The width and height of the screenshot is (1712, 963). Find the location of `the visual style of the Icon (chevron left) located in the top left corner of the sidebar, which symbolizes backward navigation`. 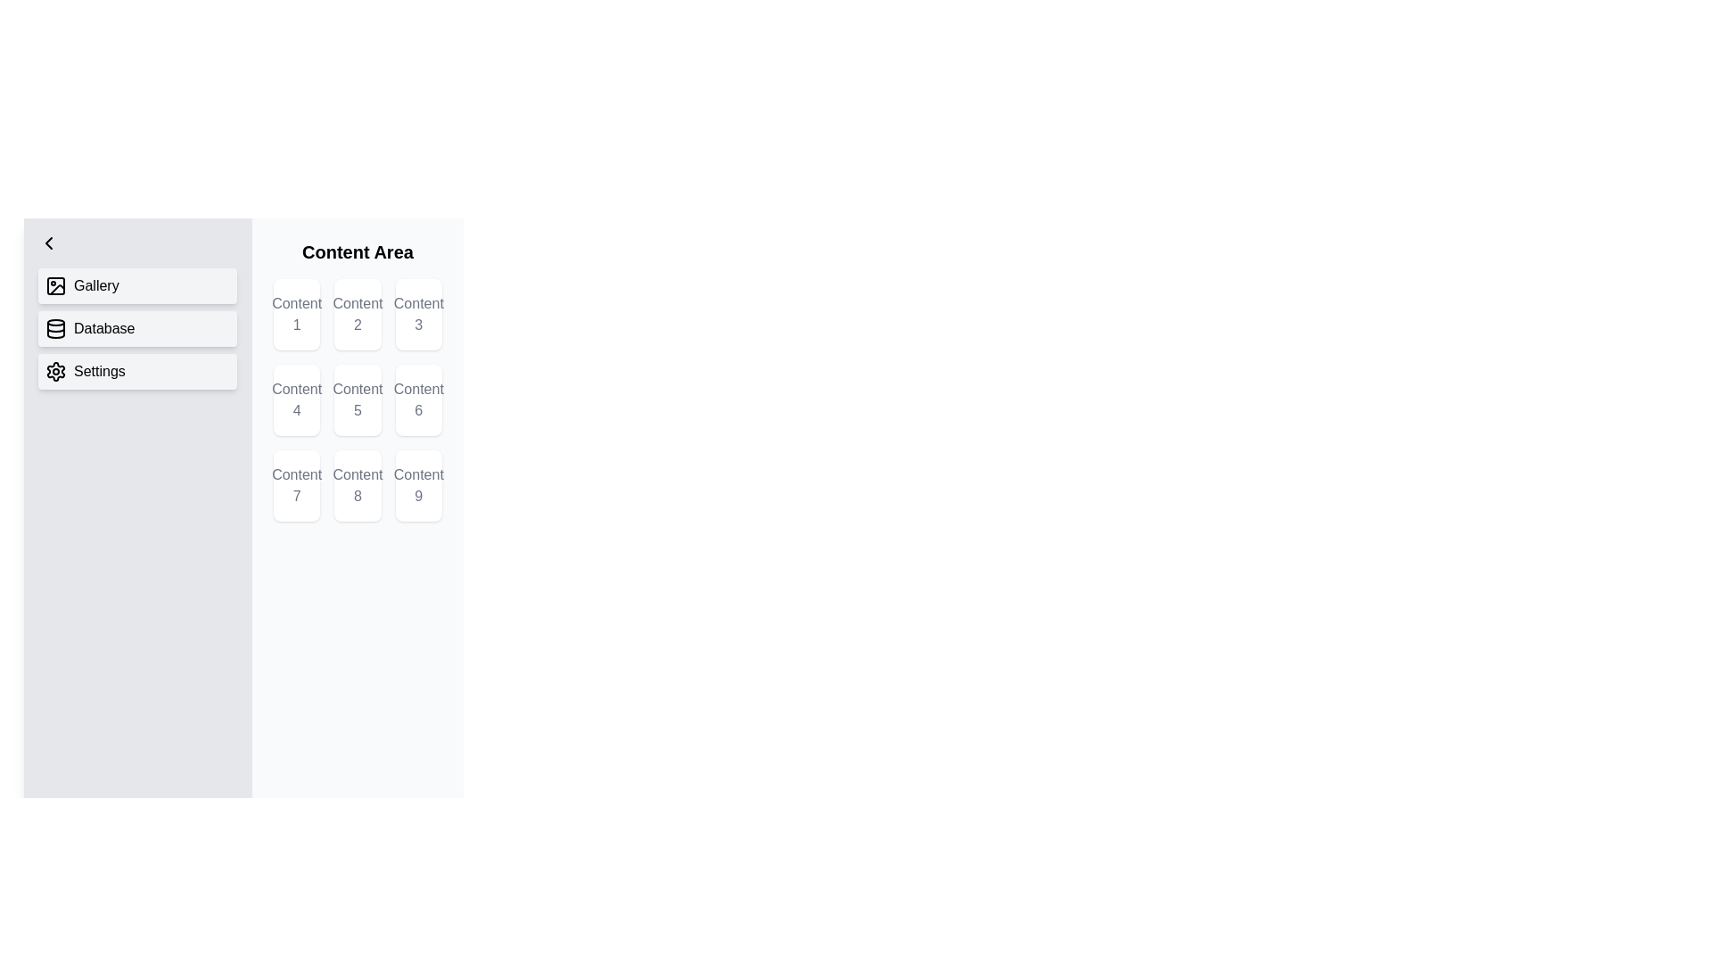

the visual style of the Icon (chevron left) located in the top left corner of the sidebar, which symbolizes backward navigation is located at coordinates (48, 243).